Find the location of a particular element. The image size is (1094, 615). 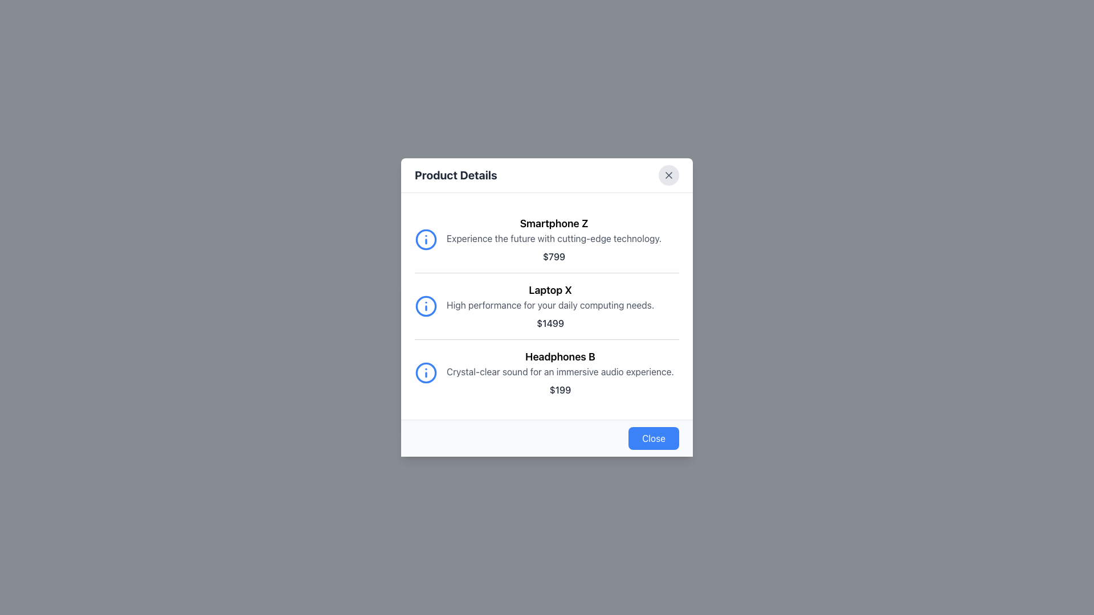

the product description card for 'Laptop X' priced at '$1499', which is the second item in the product details list is located at coordinates (547, 305).